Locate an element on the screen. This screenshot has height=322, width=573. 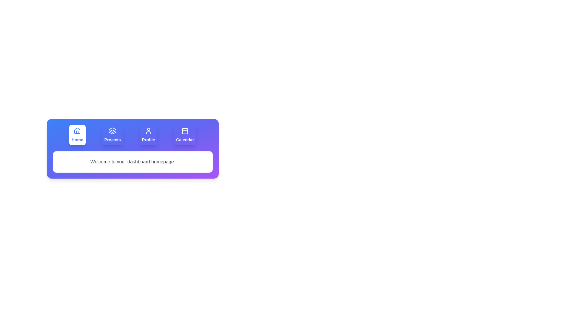
the Projects tab by clicking on its corresponding button is located at coordinates (113, 135).